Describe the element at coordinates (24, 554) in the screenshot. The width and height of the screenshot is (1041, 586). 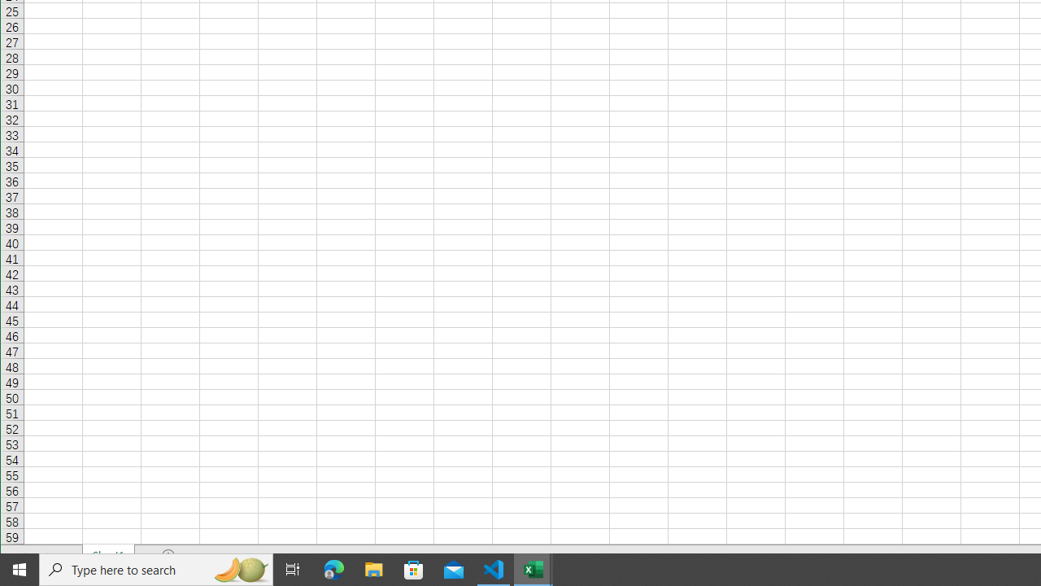
I see `'Scroll Left'` at that location.